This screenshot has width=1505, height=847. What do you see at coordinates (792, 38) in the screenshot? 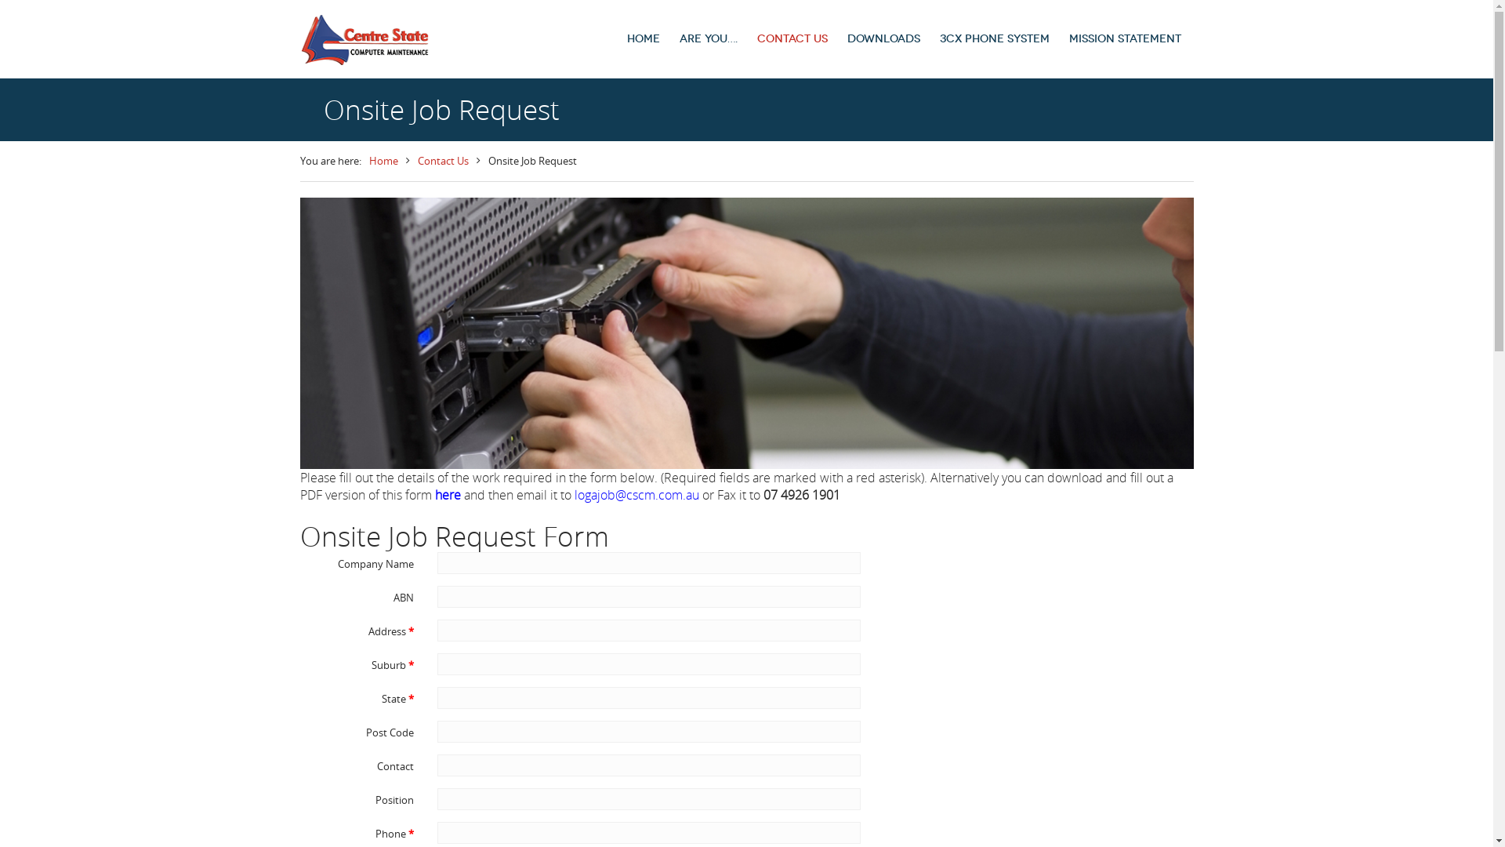
I see `'CONTACT US'` at bounding box center [792, 38].